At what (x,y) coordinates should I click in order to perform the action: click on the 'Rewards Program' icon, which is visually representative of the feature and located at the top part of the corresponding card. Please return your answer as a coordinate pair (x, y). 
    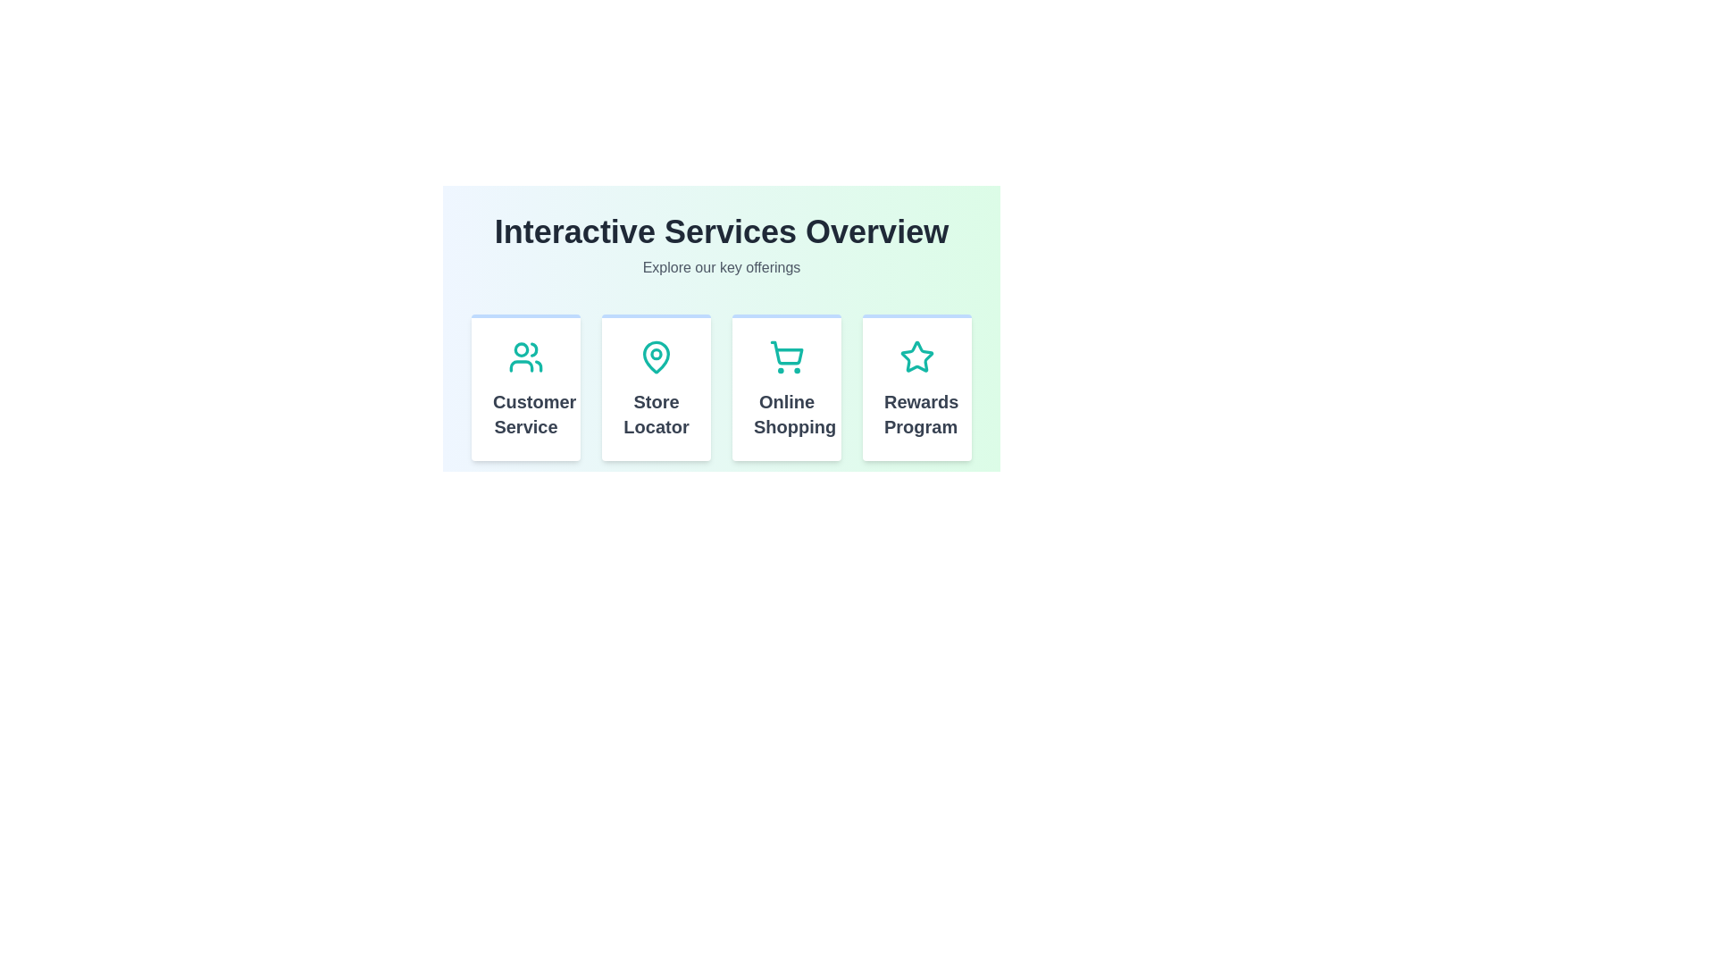
    Looking at the image, I should click on (917, 357).